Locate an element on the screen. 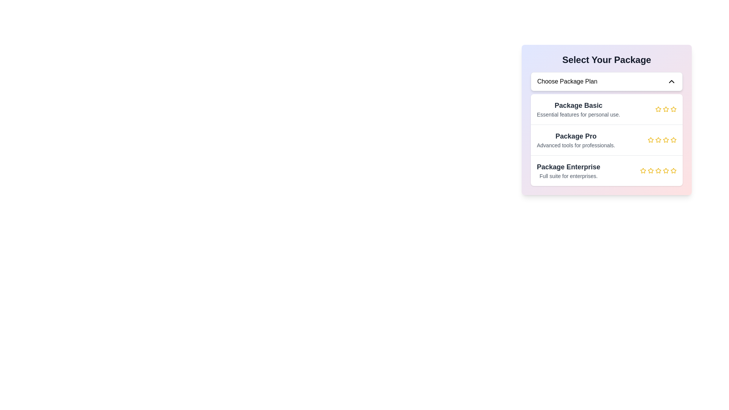 Image resolution: width=729 pixels, height=410 pixels. the fifth star icon in the rating row for the 'Package Enterprise' option to provide a rating is located at coordinates (665, 170).